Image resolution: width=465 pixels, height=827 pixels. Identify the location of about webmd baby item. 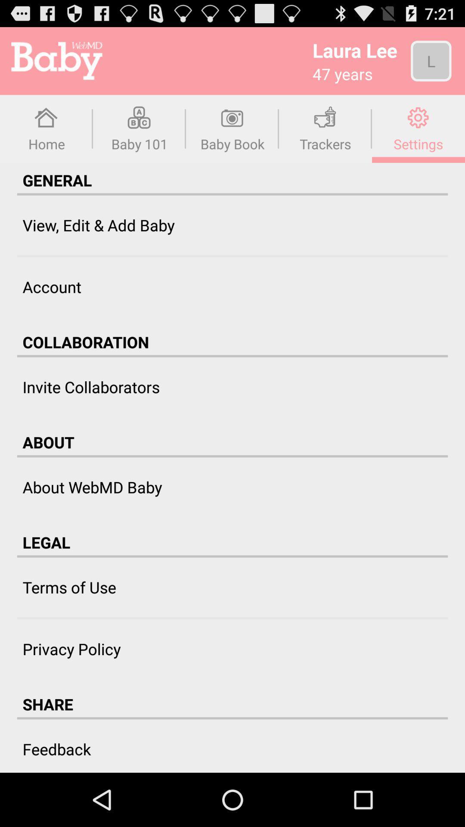
(92, 487).